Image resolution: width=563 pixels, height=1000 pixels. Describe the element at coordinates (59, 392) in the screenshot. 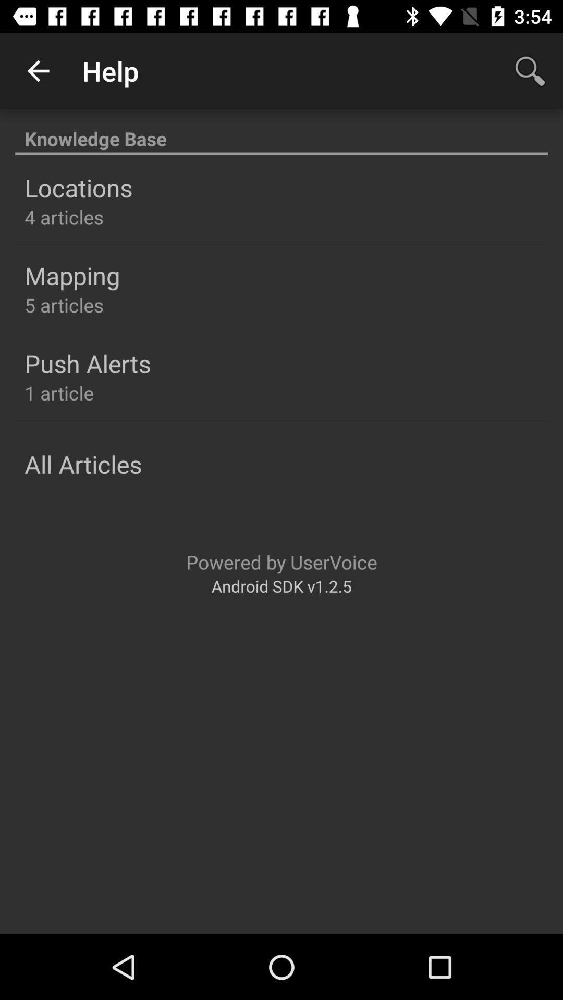

I see `the item below push alerts item` at that location.